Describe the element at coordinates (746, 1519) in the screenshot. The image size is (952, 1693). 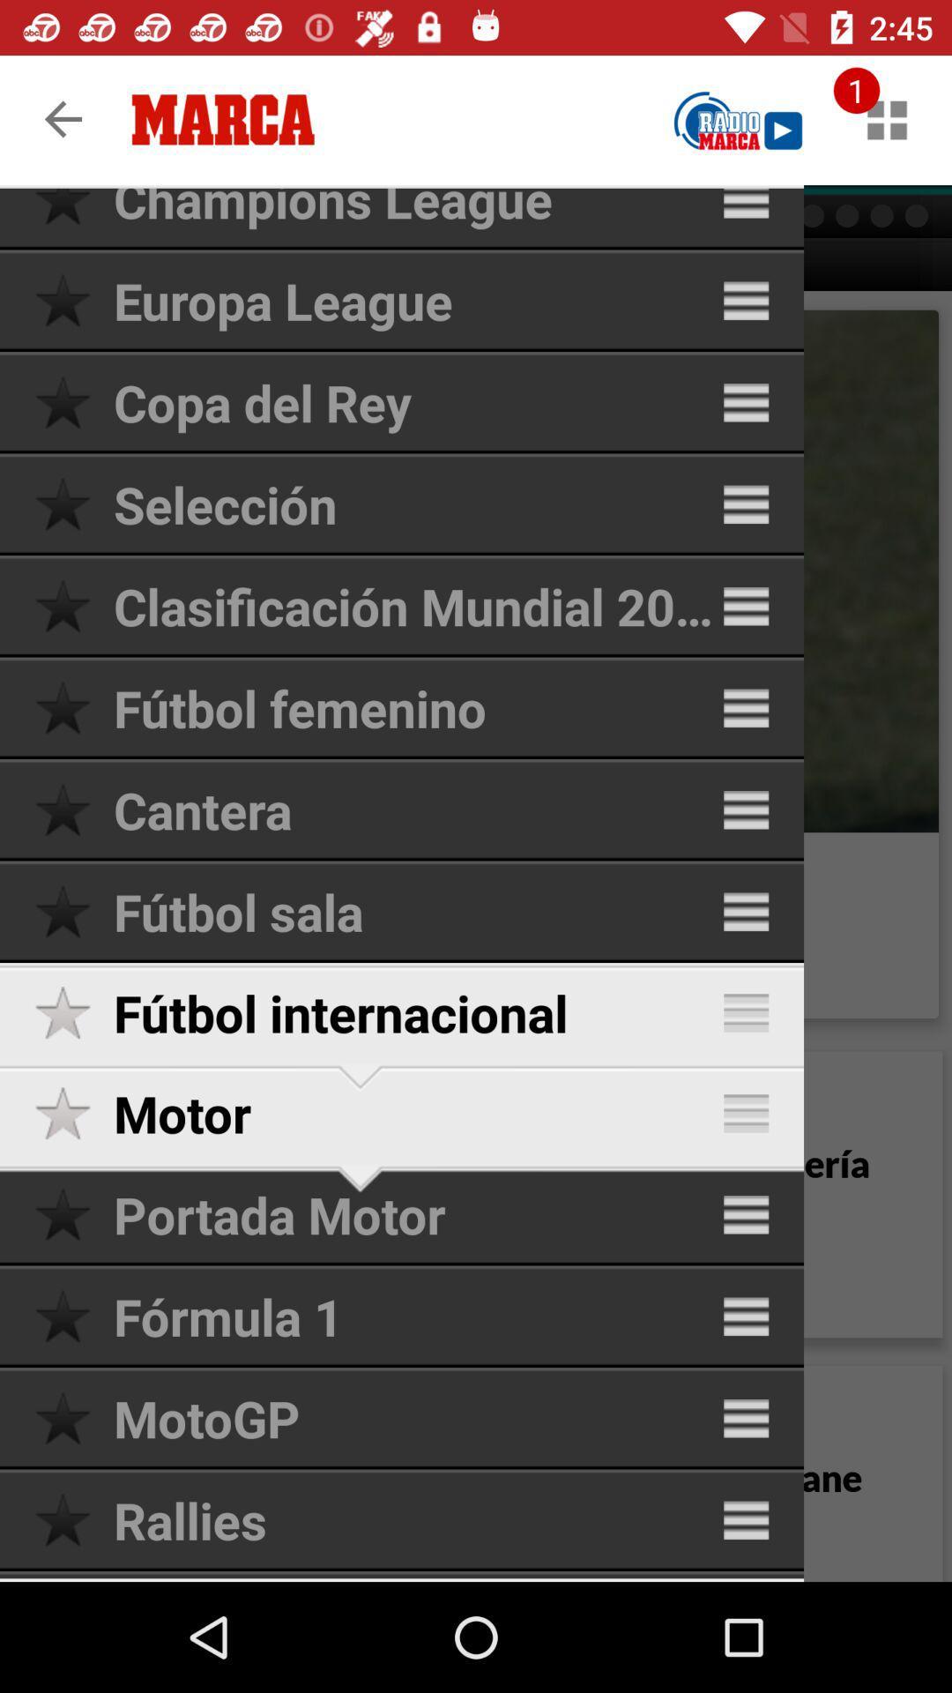
I see `menu icon of rallies` at that location.